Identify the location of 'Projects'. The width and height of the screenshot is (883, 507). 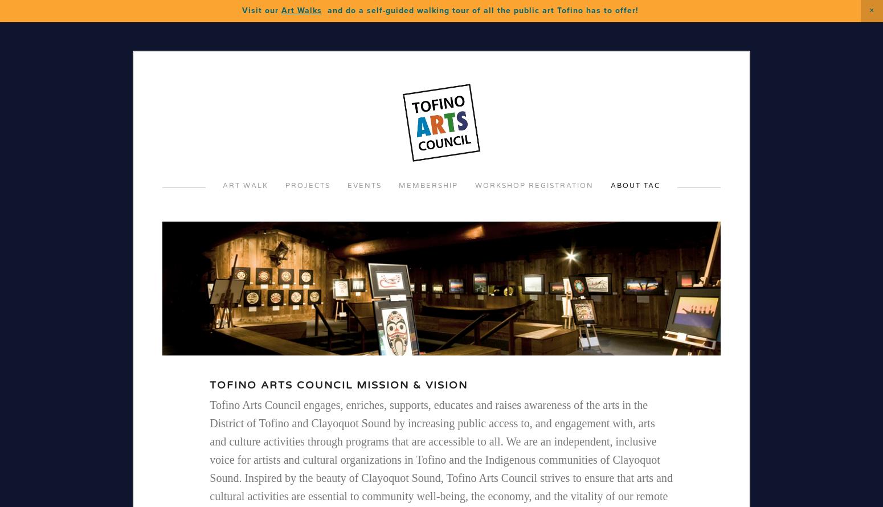
(307, 185).